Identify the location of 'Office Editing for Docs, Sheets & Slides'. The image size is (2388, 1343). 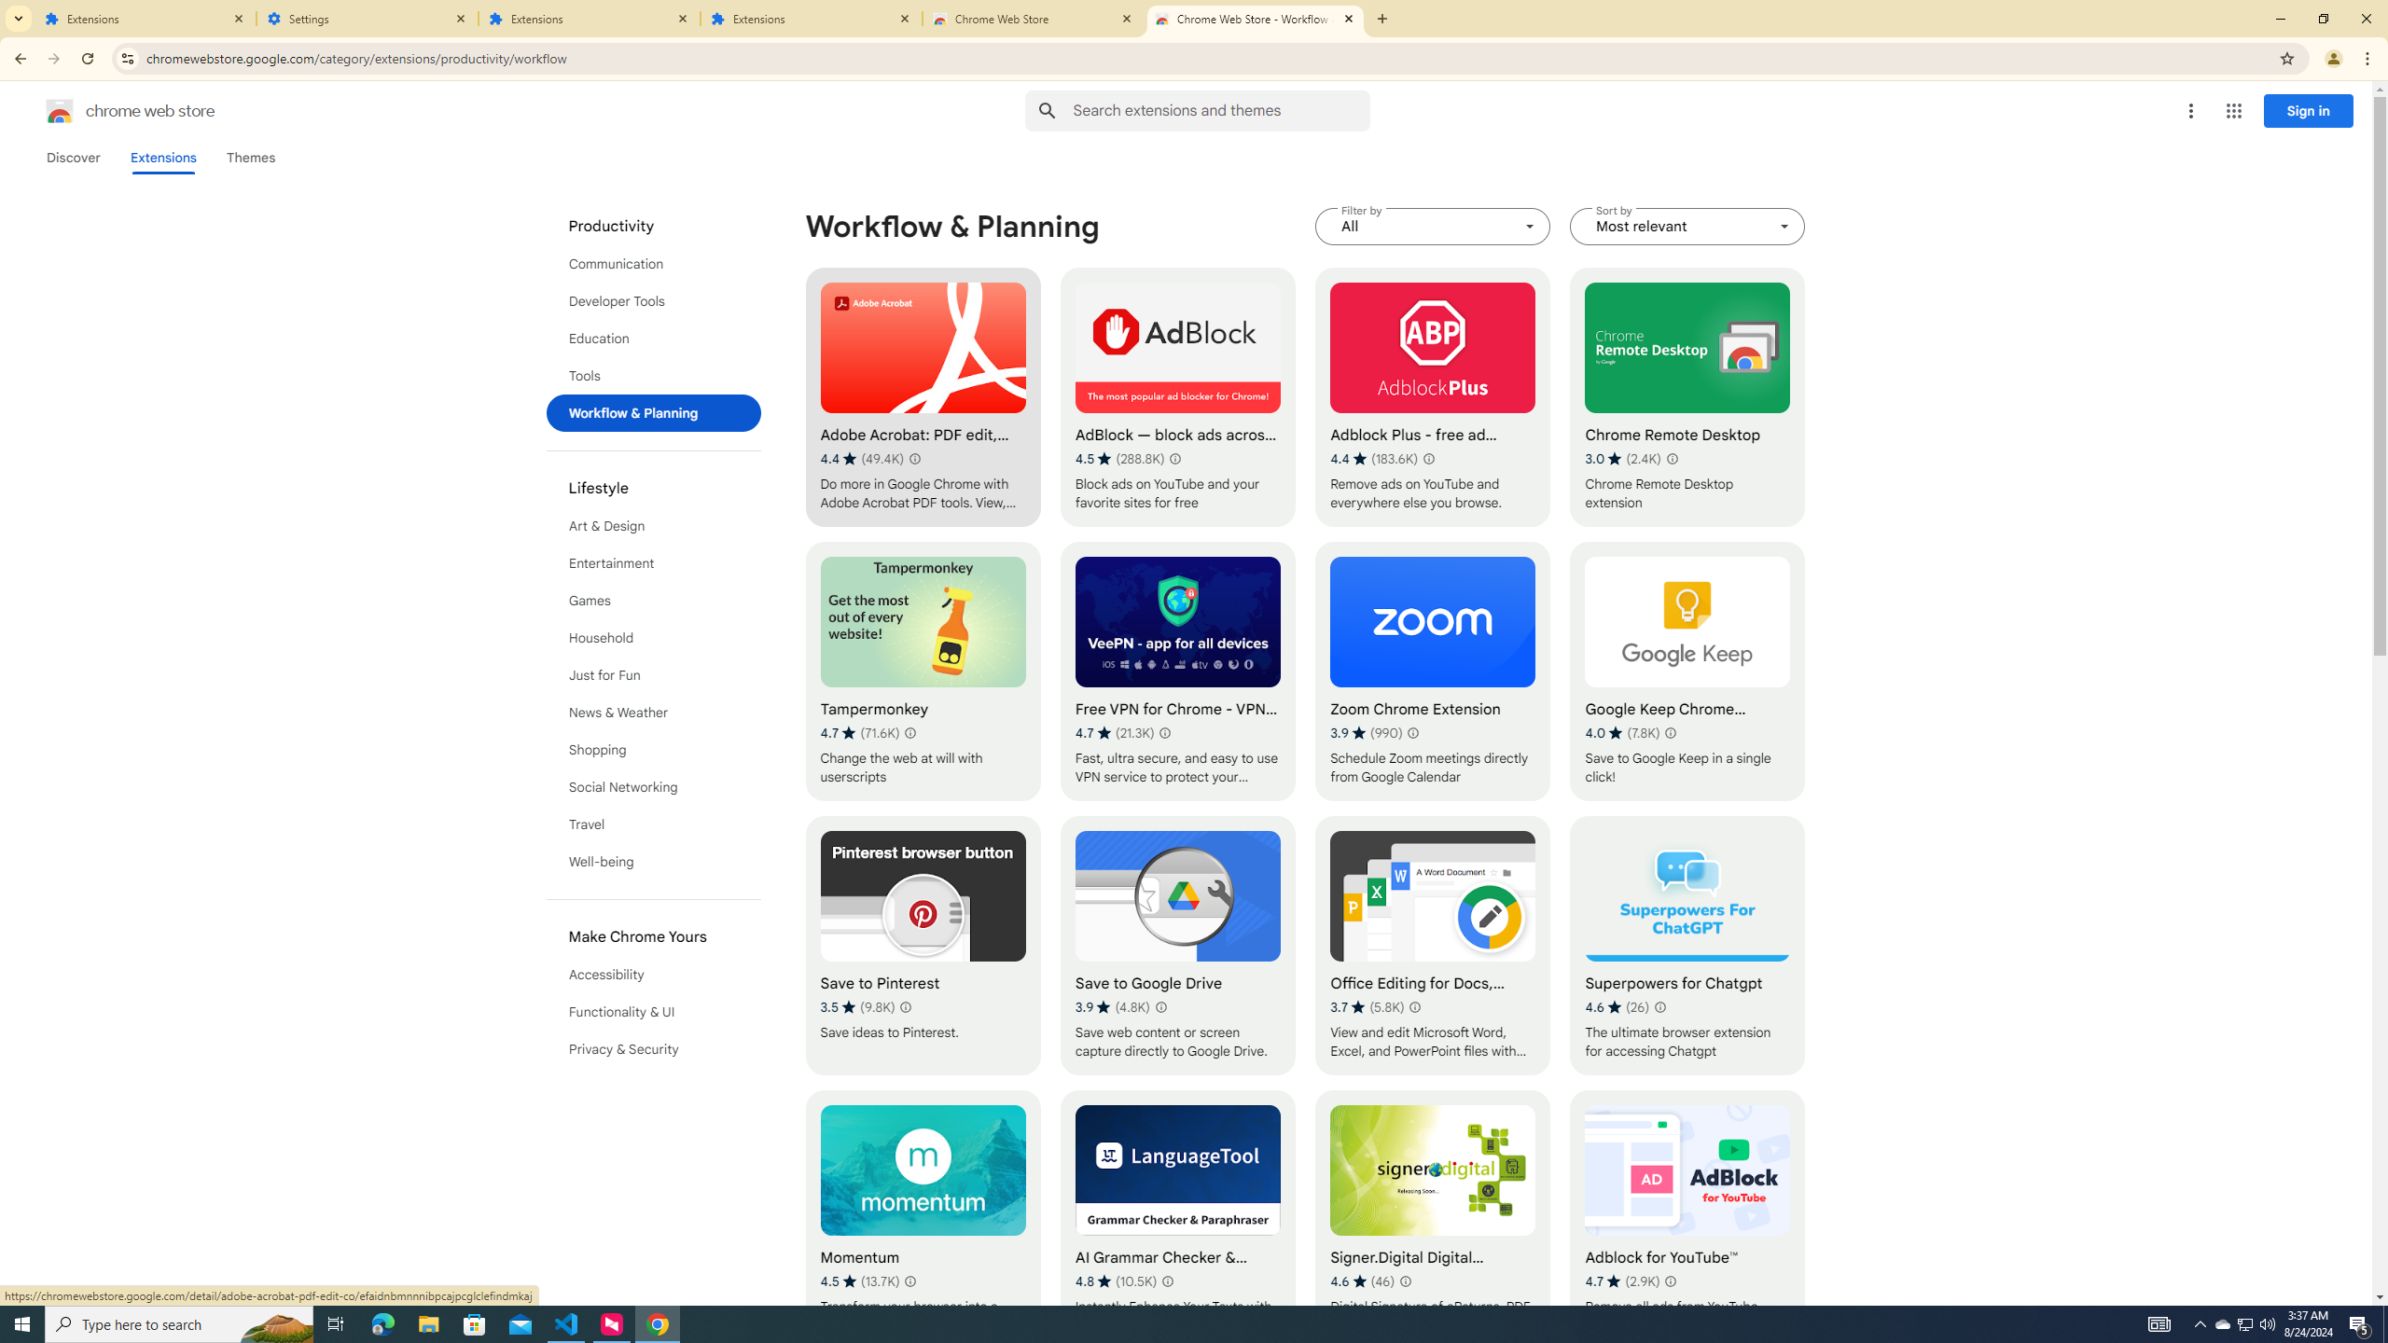
(1433, 946).